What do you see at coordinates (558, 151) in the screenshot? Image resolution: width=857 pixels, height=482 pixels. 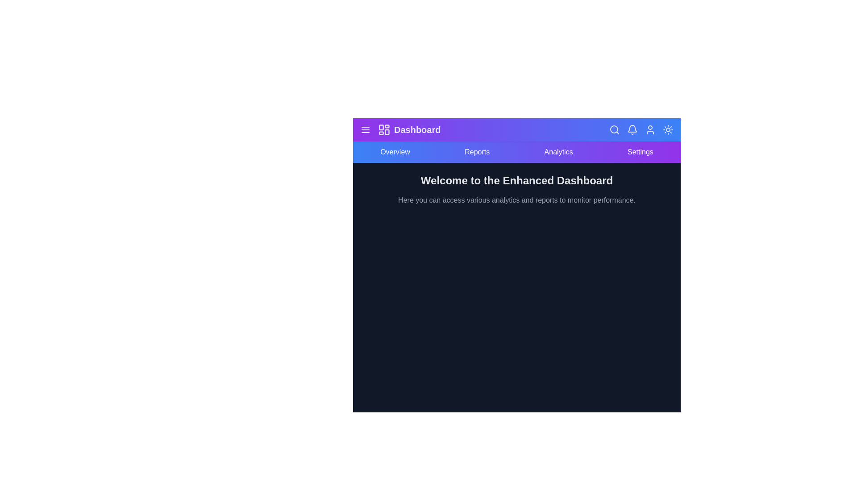 I see `the navigation item Analytics` at bounding box center [558, 151].